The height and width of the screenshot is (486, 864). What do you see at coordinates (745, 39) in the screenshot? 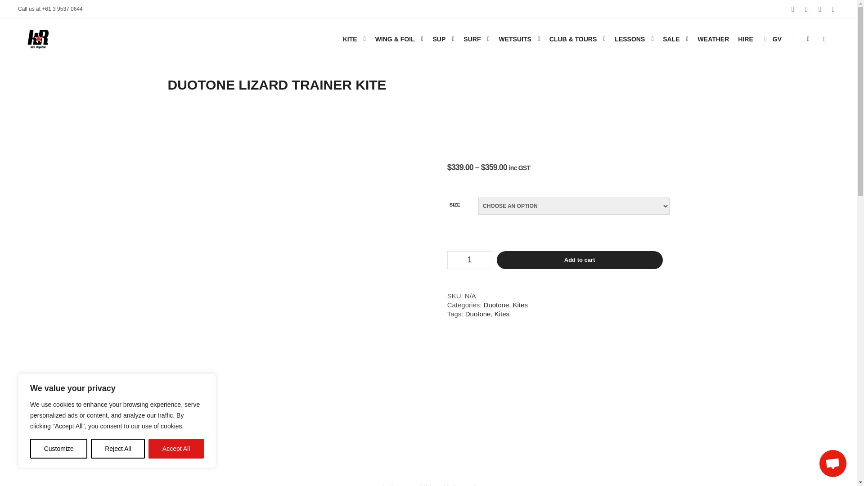
I see `'HIRE'` at bounding box center [745, 39].